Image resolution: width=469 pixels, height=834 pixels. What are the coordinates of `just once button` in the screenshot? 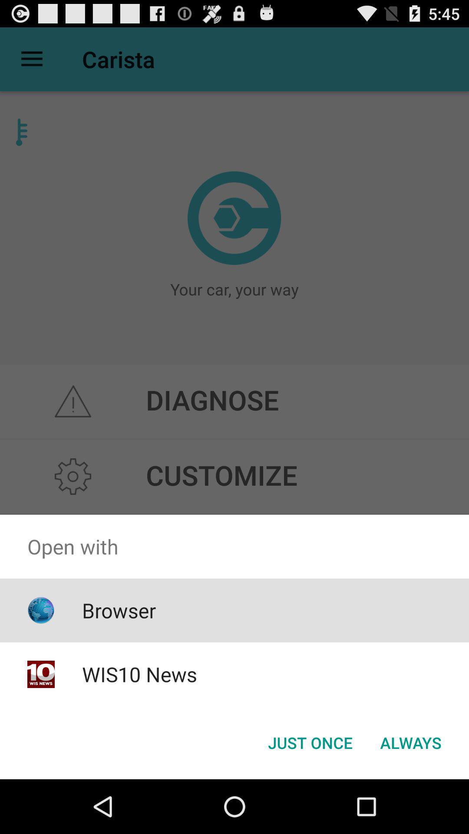 It's located at (310, 742).